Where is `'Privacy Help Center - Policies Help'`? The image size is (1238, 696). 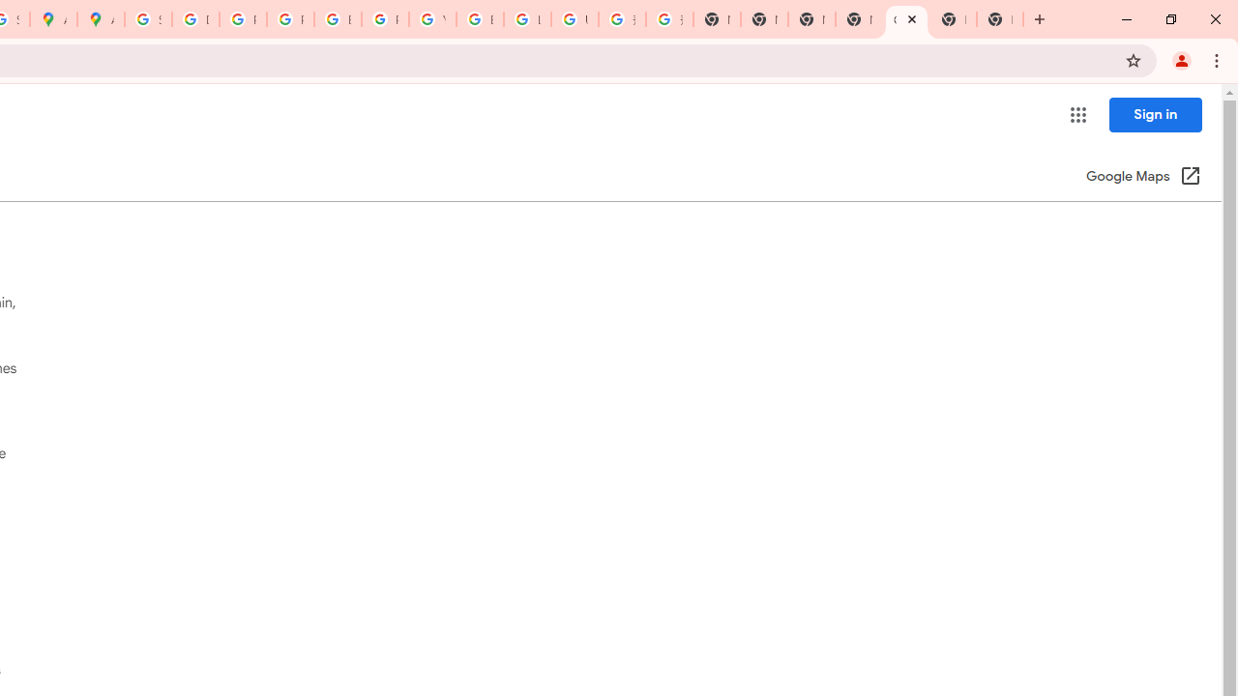
'Privacy Help Center - Policies Help' is located at coordinates (242, 19).